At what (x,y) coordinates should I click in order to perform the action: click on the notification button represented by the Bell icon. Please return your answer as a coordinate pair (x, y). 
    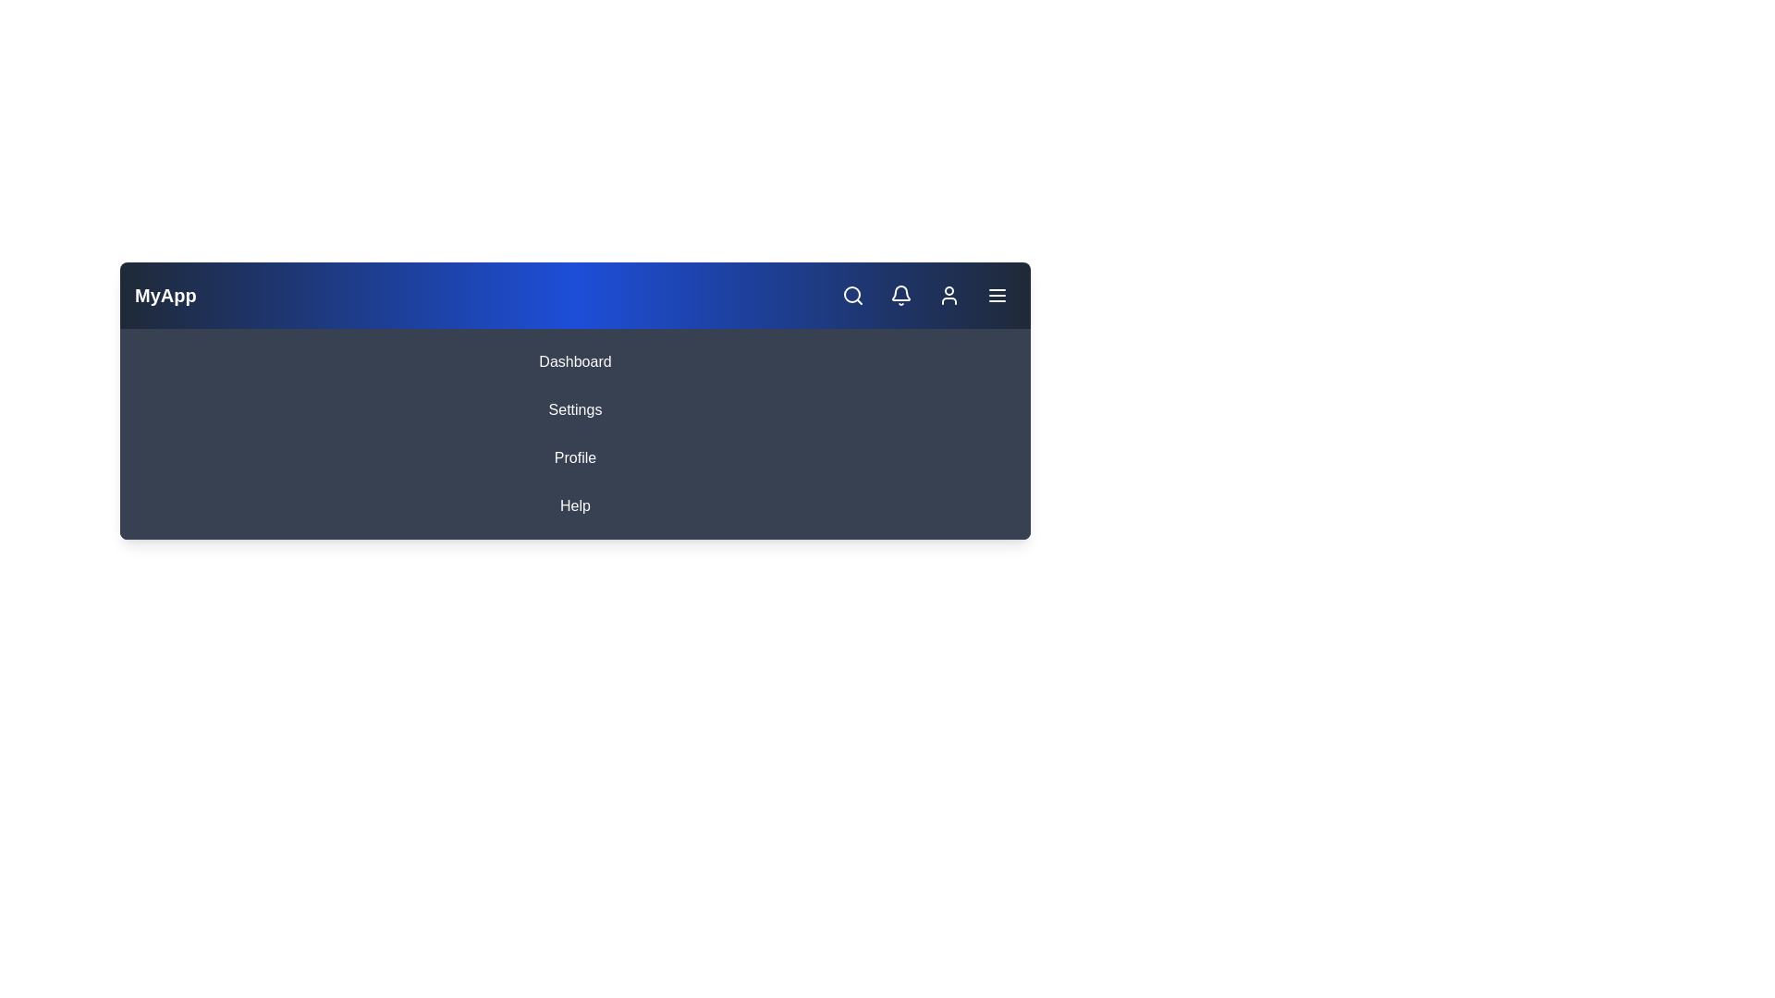
    Looking at the image, I should click on (900, 295).